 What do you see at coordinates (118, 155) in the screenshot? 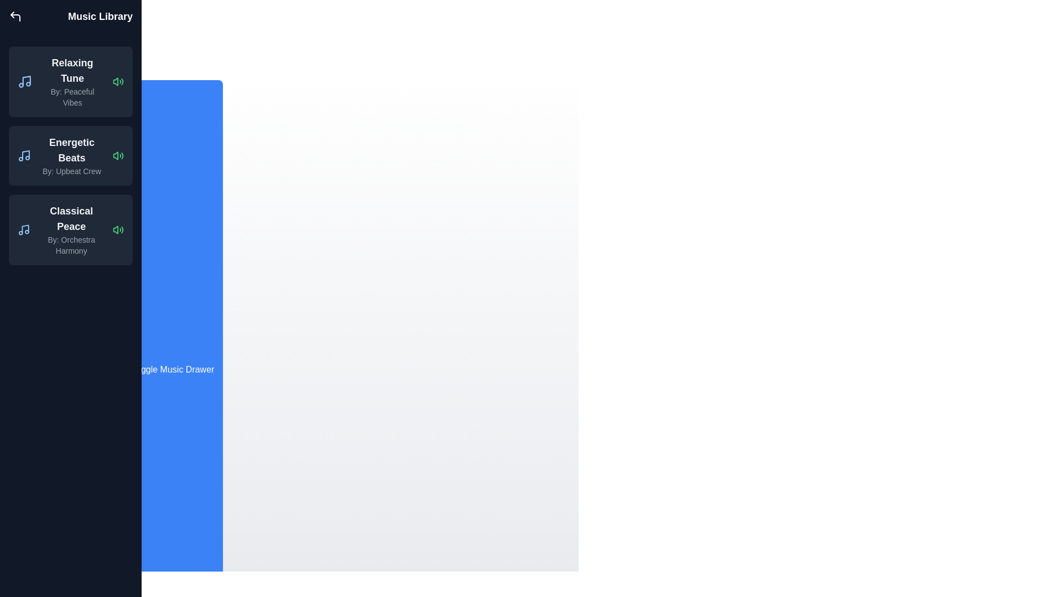
I see `the track Energetic Beats from the list` at bounding box center [118, 155].